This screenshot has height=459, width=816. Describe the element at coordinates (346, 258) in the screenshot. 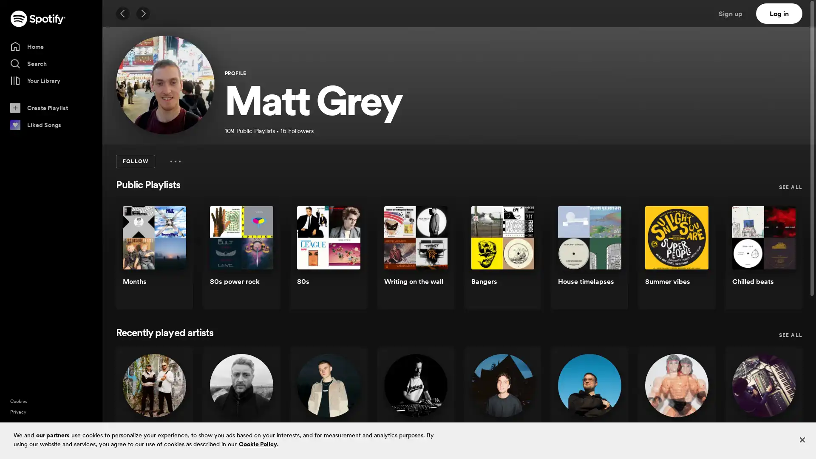

I see `Play 80s` at that location.